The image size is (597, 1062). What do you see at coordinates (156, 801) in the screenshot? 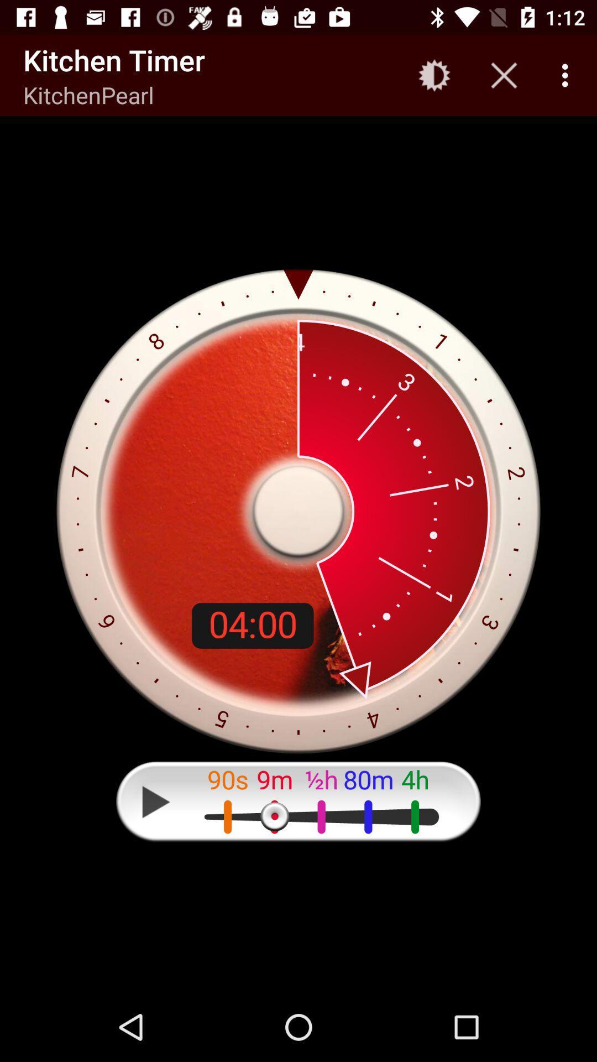
I see `the icon at the bottom left corner` at bounding box center [156, 801].